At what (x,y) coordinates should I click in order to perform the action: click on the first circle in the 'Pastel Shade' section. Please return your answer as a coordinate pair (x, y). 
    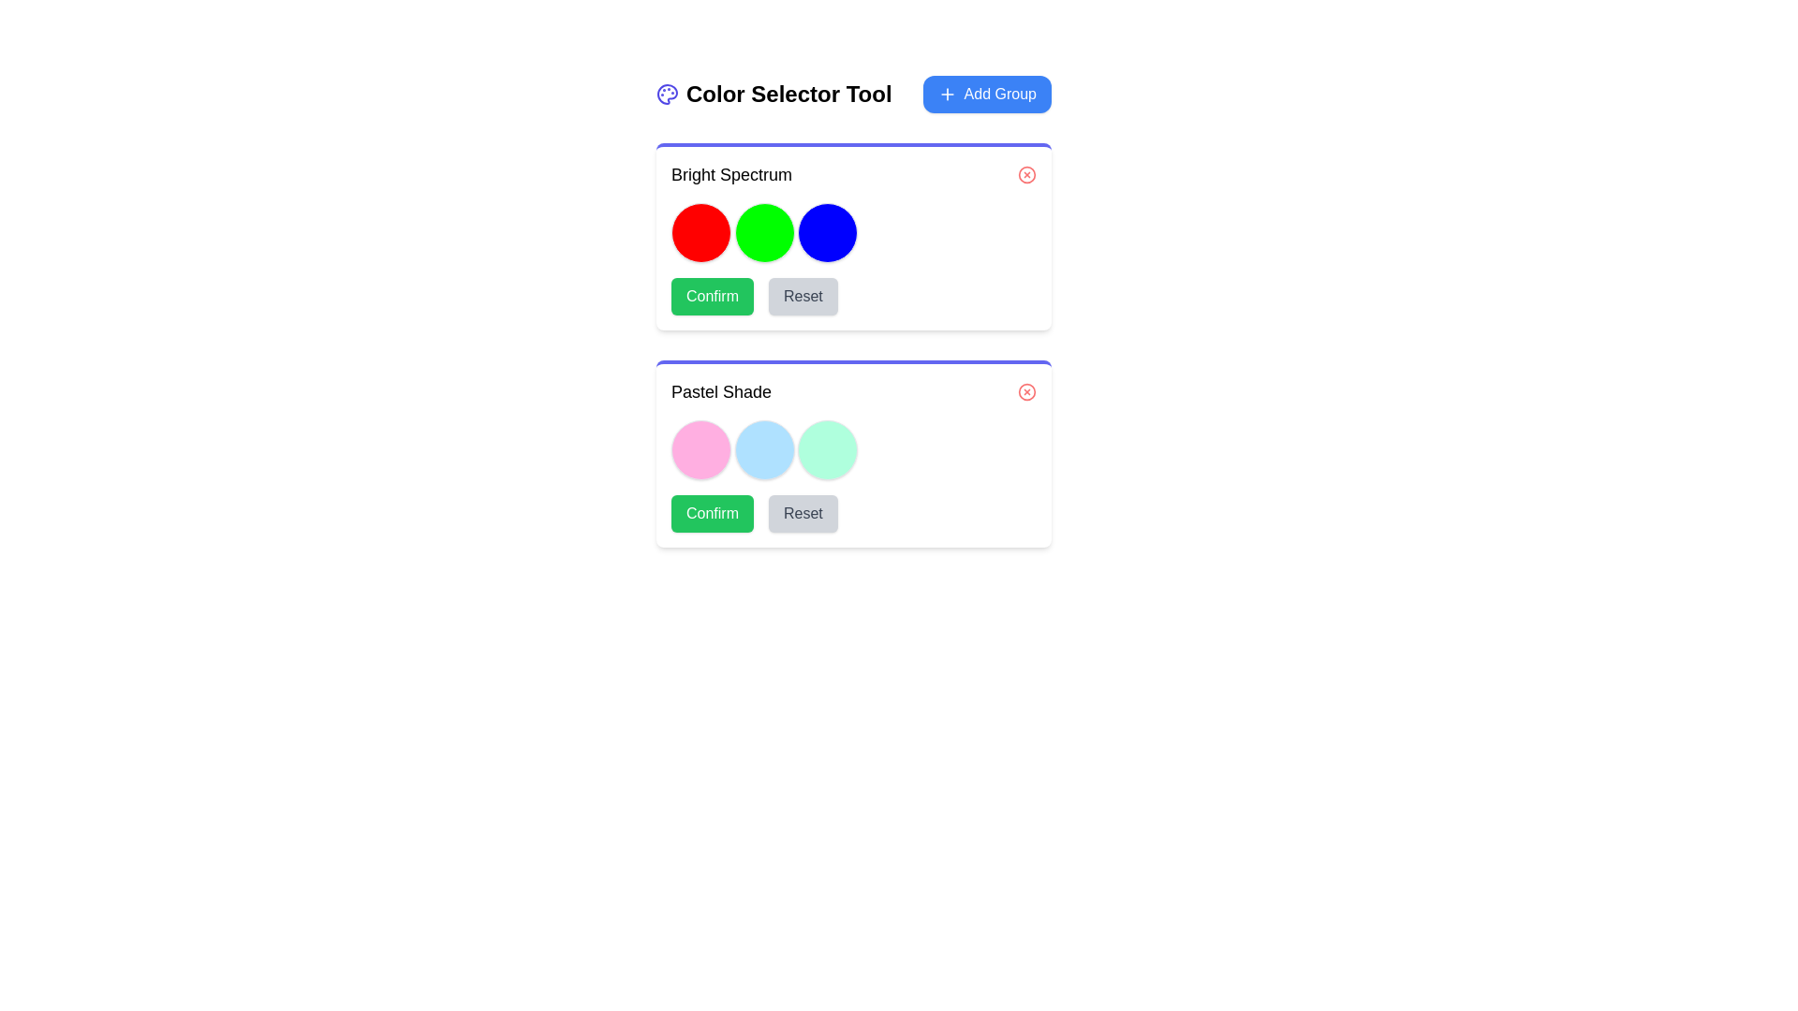
    Looking at the image, I should click on (700, 450).